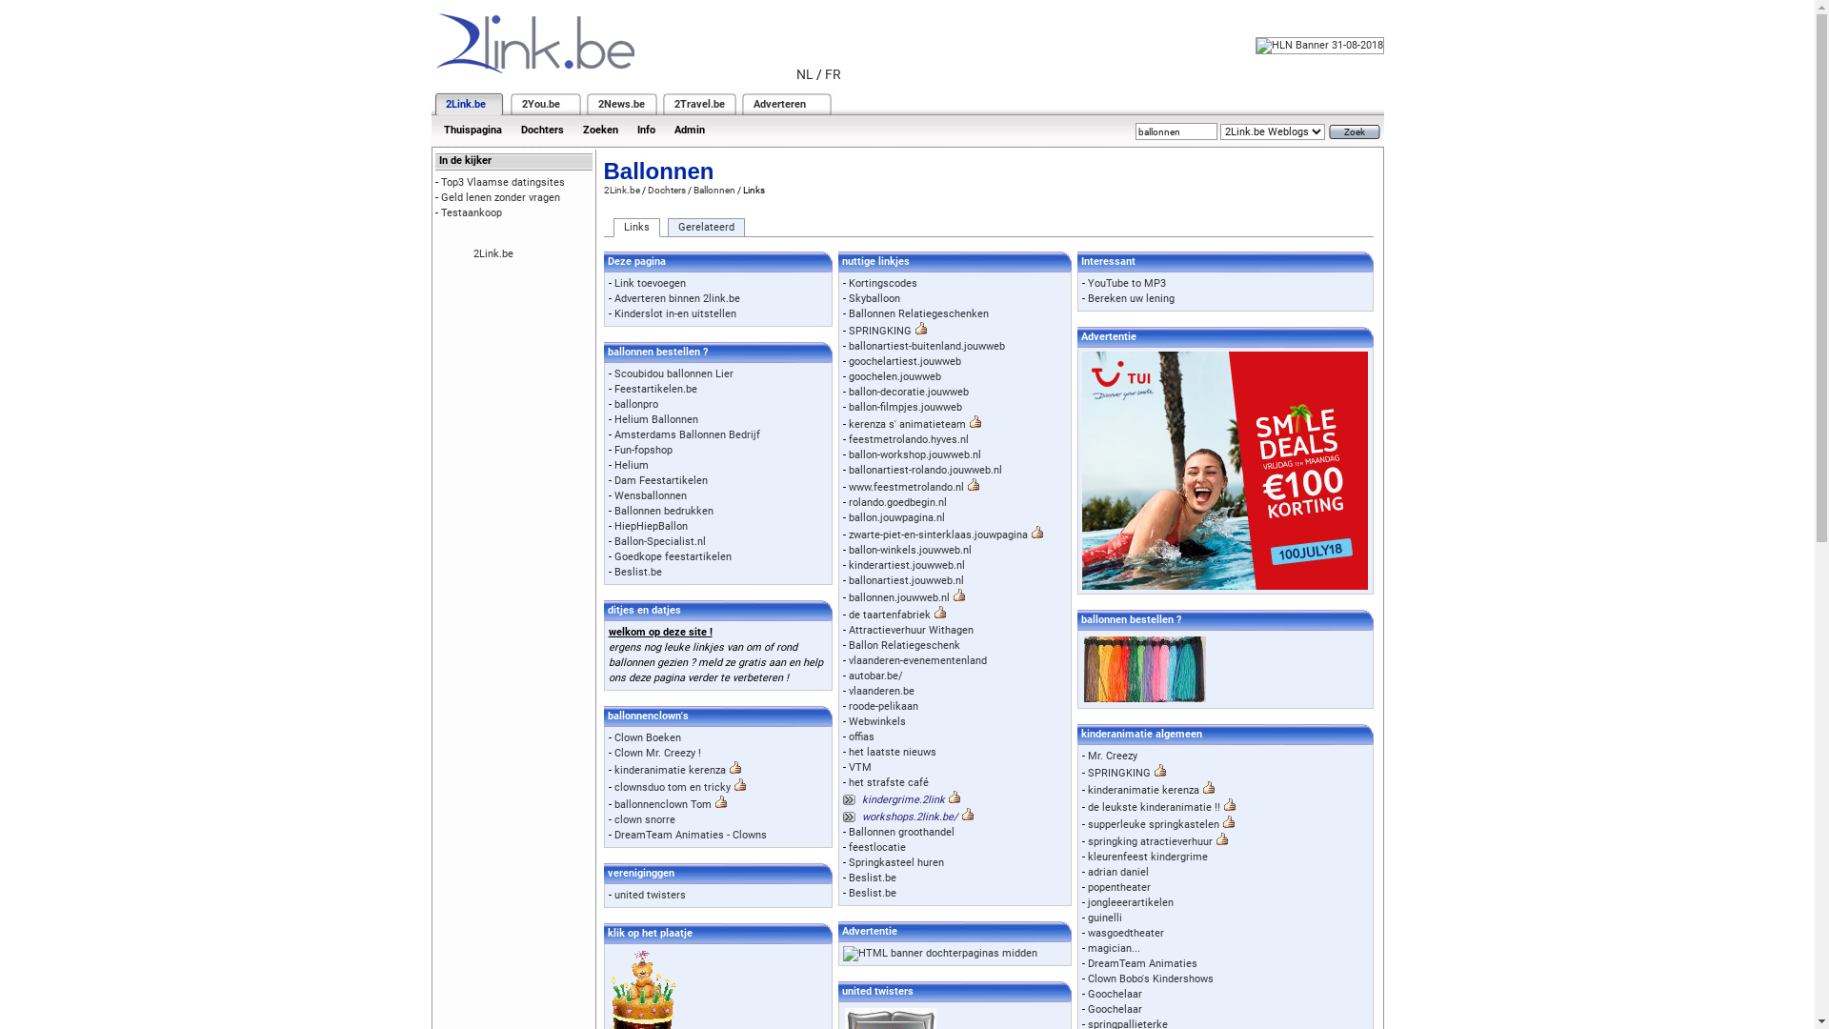  What do you see at coordinates (649, 283) in the screenshot?
I see `'Link toevoegen'` at bounding box center [649, 283].